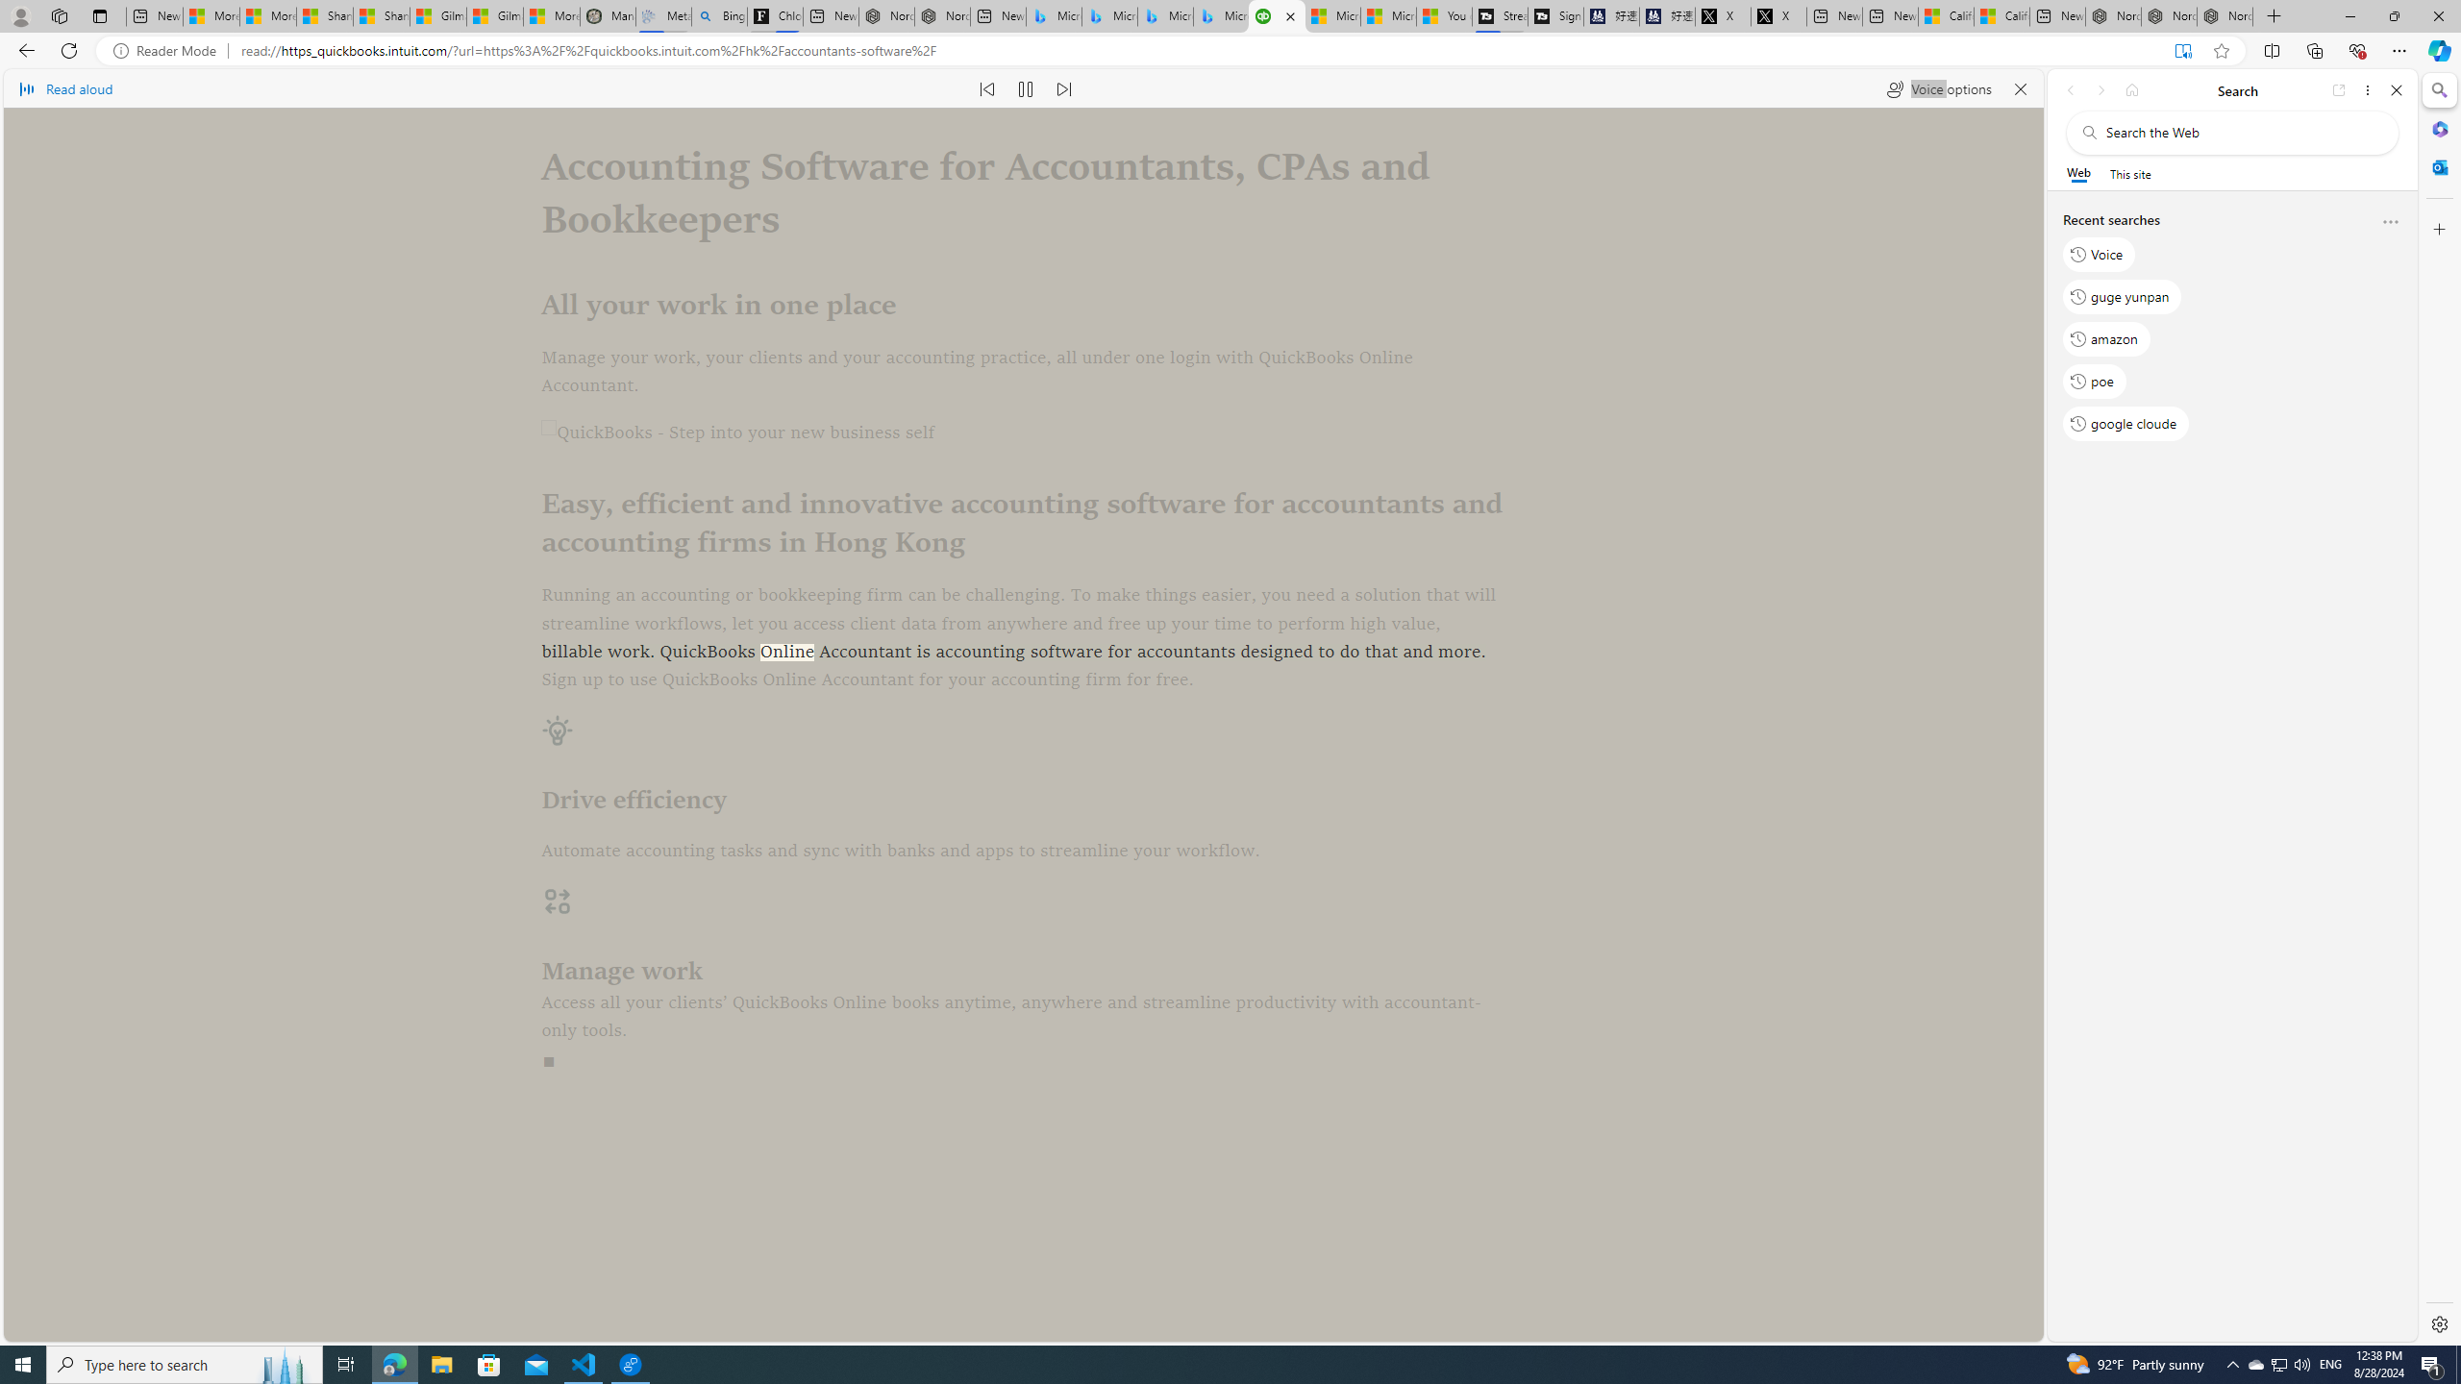 The height and width of the screenshot is (1384, 2461). What do you see at coordinates (1061, 87) in the screenshot?
I see `'Read next paragraph'` at bounding box center [1061, 87].